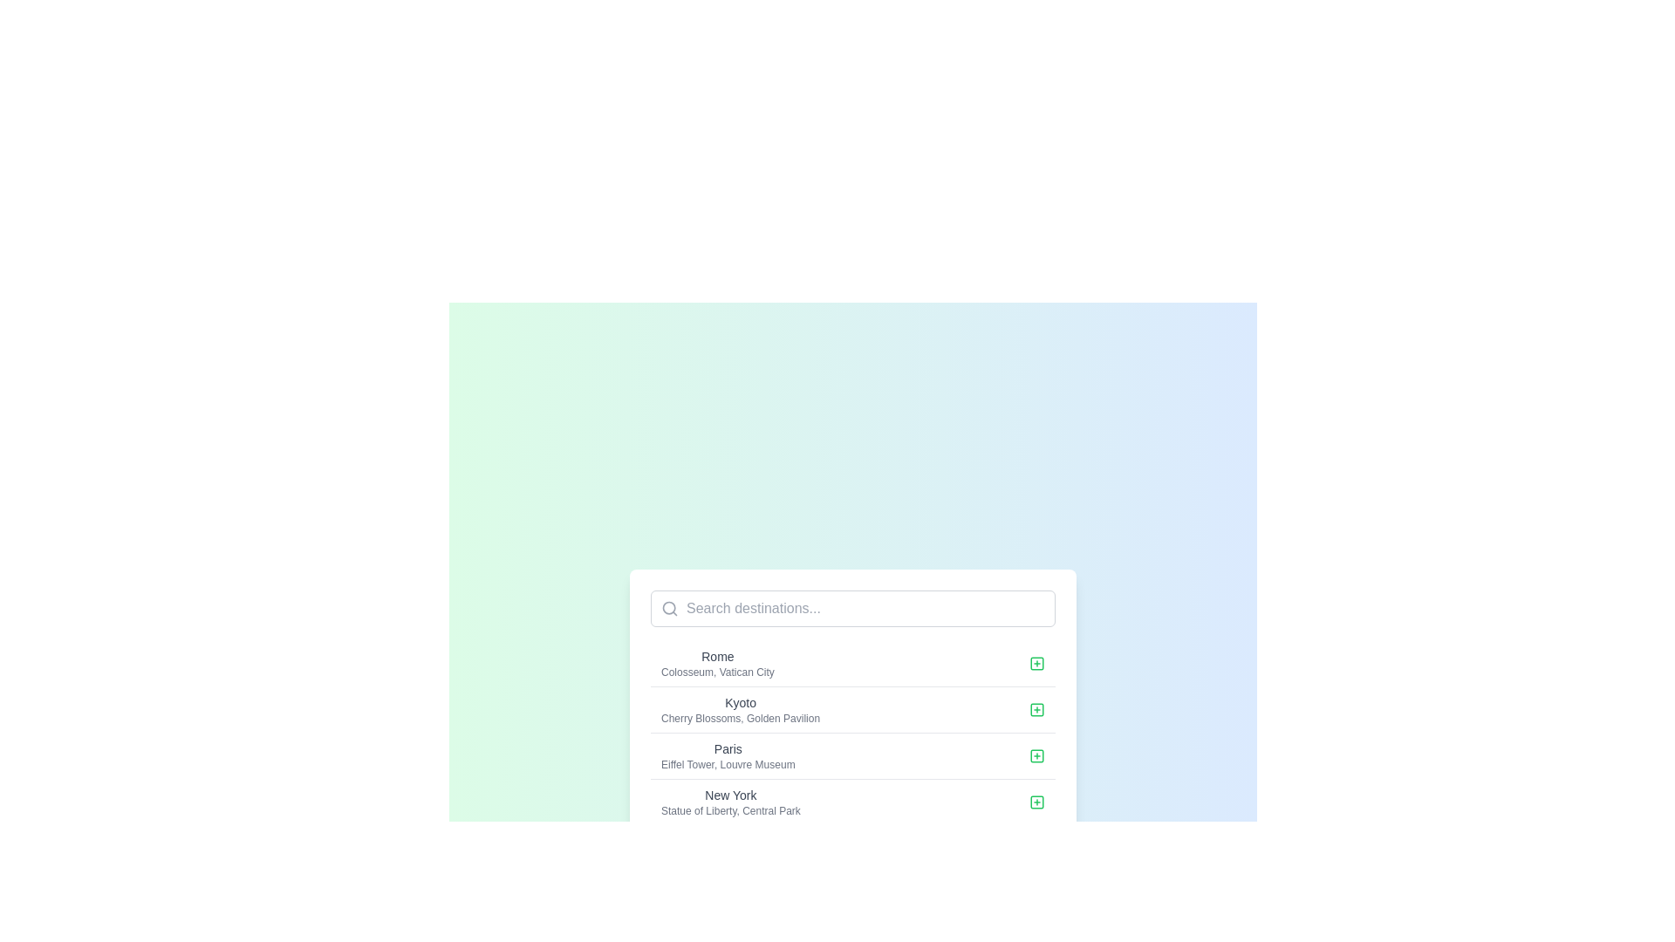 The width and height of the screenshot is (1675, 942). What do you see at coordinates (1037, 663) in the screenshot?
I see `the addition button located at the far right of the row containing 'Rome Colosseum, Vatican City' to initiate the addition action` at bounding box center [1037, 663].